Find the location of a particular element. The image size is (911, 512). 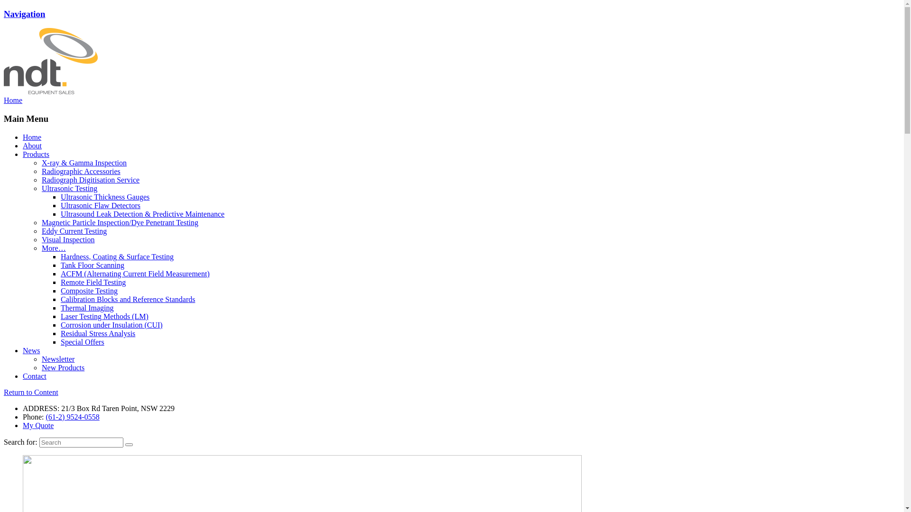

'Corrosion under Insulation (CUI)' is located at coordinates (112, 324).